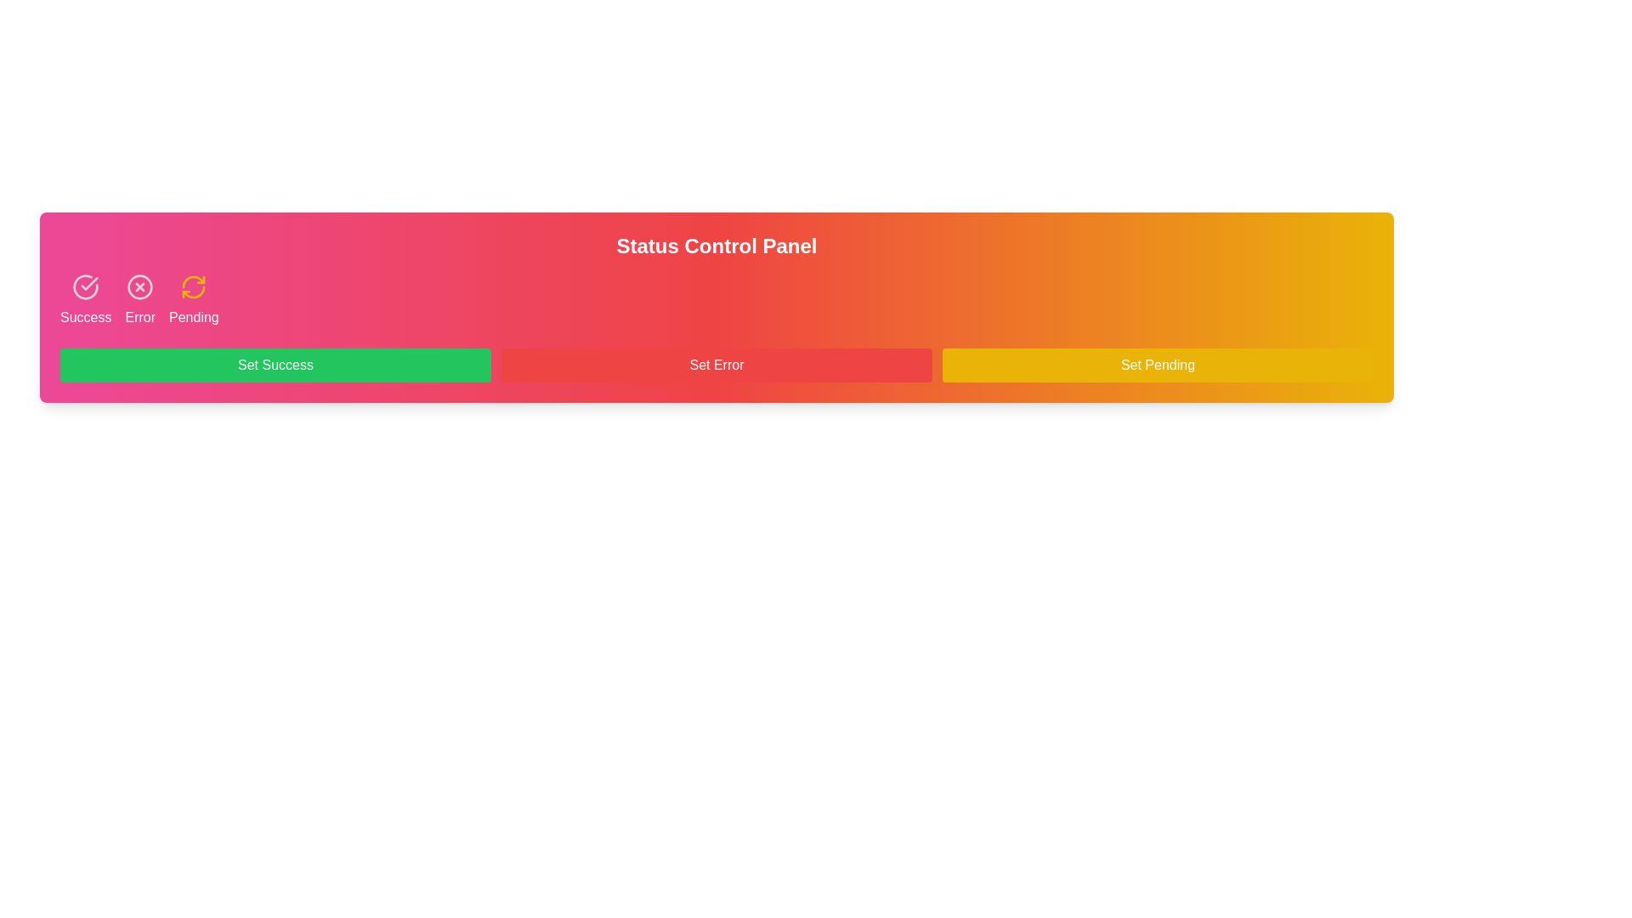 The image size is (1632, 918). What do you see at coordinates (717, 246) in the screenshot?
I see `Header text located at the top of the panel, which indicates the purpose of the panel and is positioned above the status indicators and buttons` at bounding box center [717, 246].